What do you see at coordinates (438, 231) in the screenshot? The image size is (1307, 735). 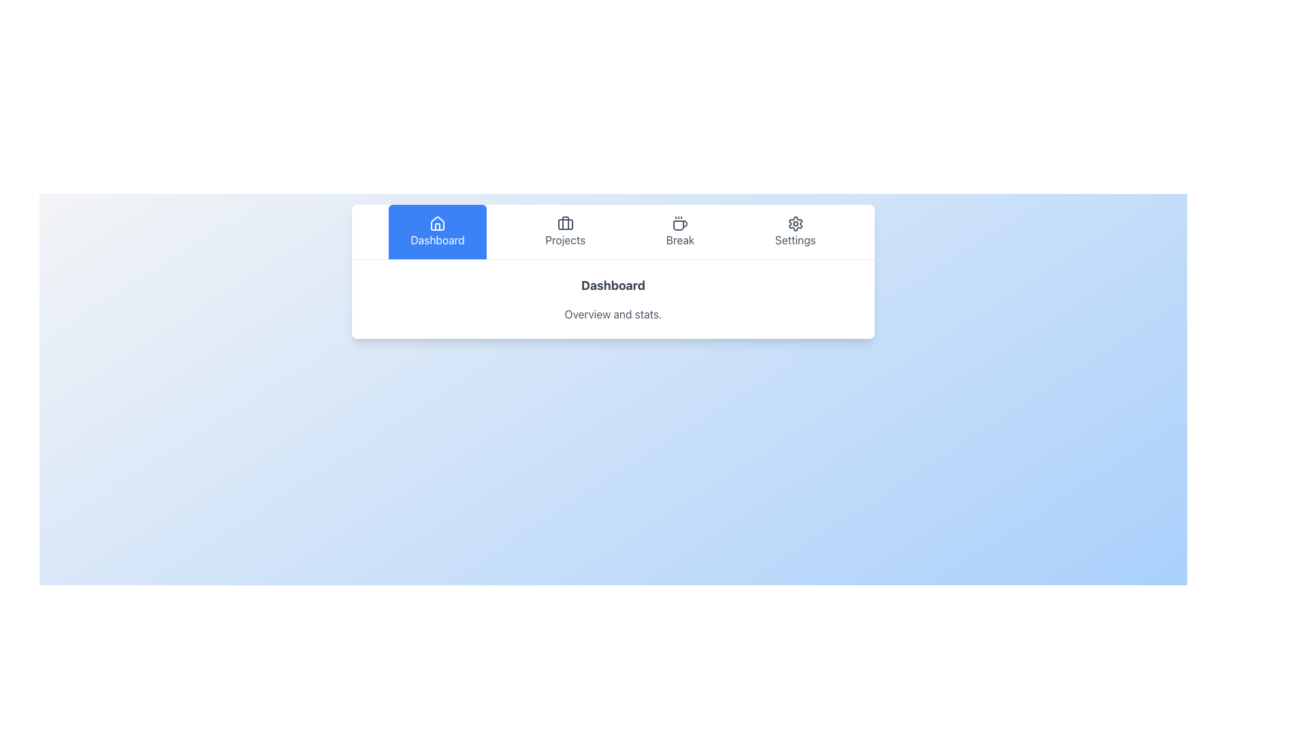 I see `the blue rectangular button labeled 'Dashboard' with a house icon` at bounding box center [438, 231].